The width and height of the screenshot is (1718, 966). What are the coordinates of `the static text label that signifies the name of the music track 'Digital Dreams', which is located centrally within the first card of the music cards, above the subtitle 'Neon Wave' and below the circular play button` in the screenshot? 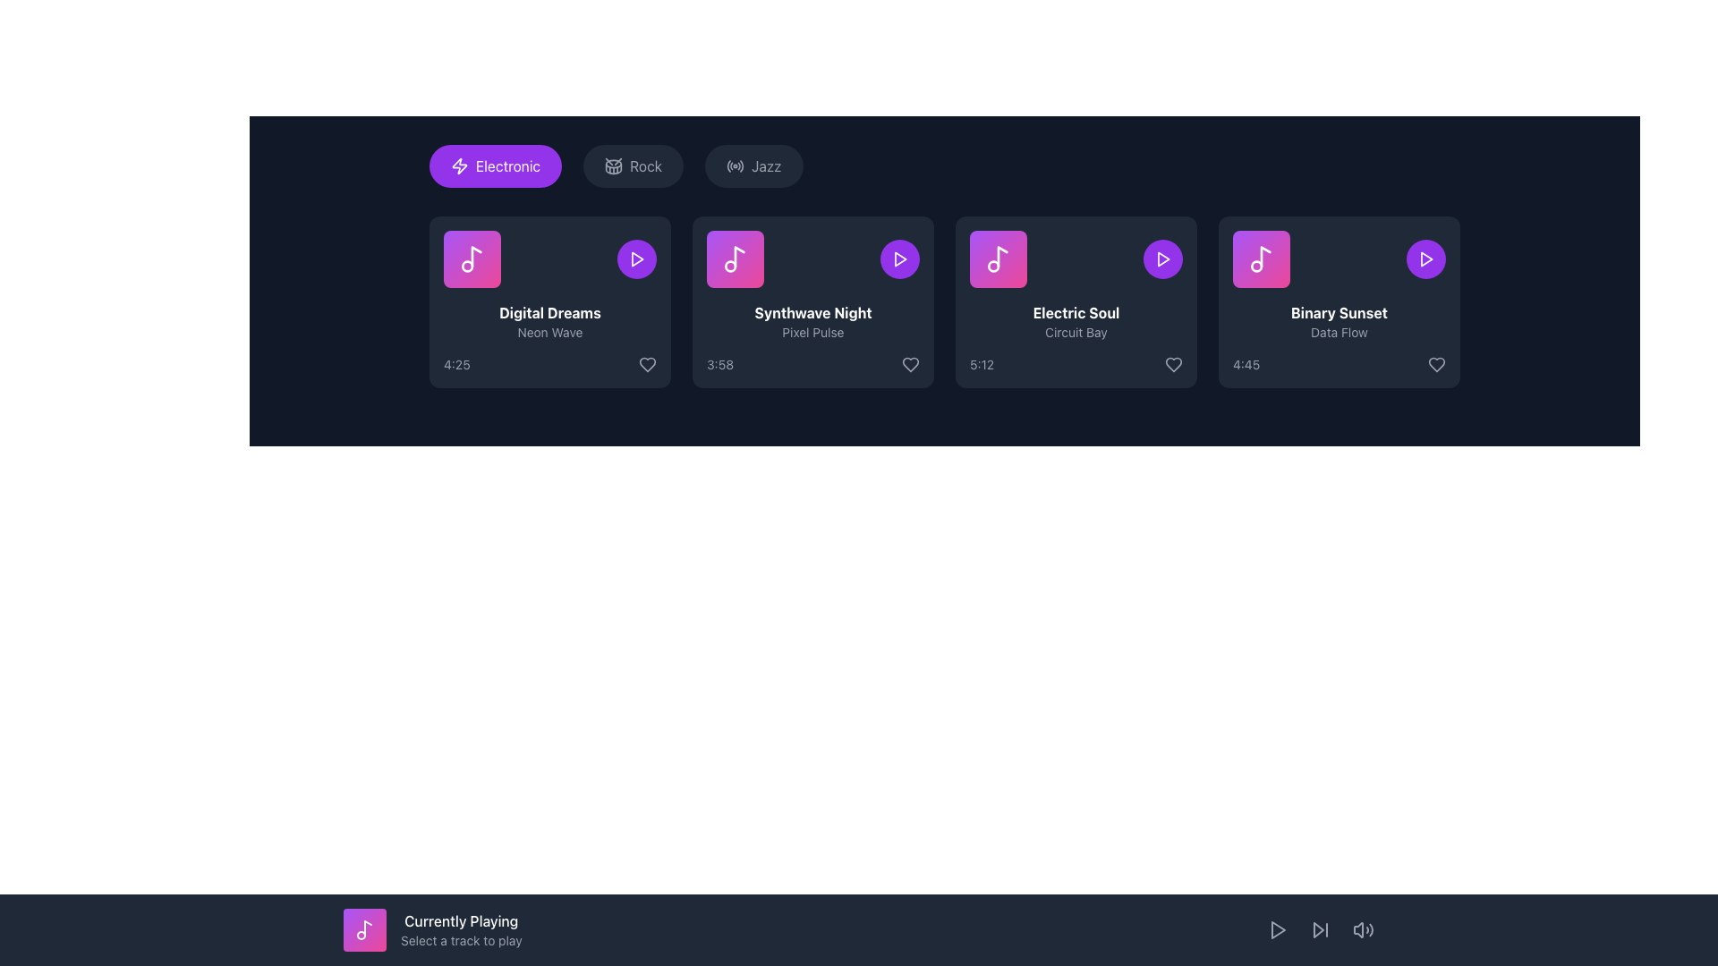 It's located at (549, 312).